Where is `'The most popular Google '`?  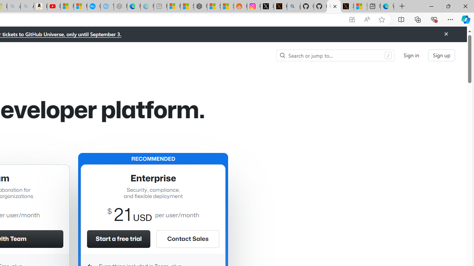 'The most popular Google ' is located at coordinates (107, 6).